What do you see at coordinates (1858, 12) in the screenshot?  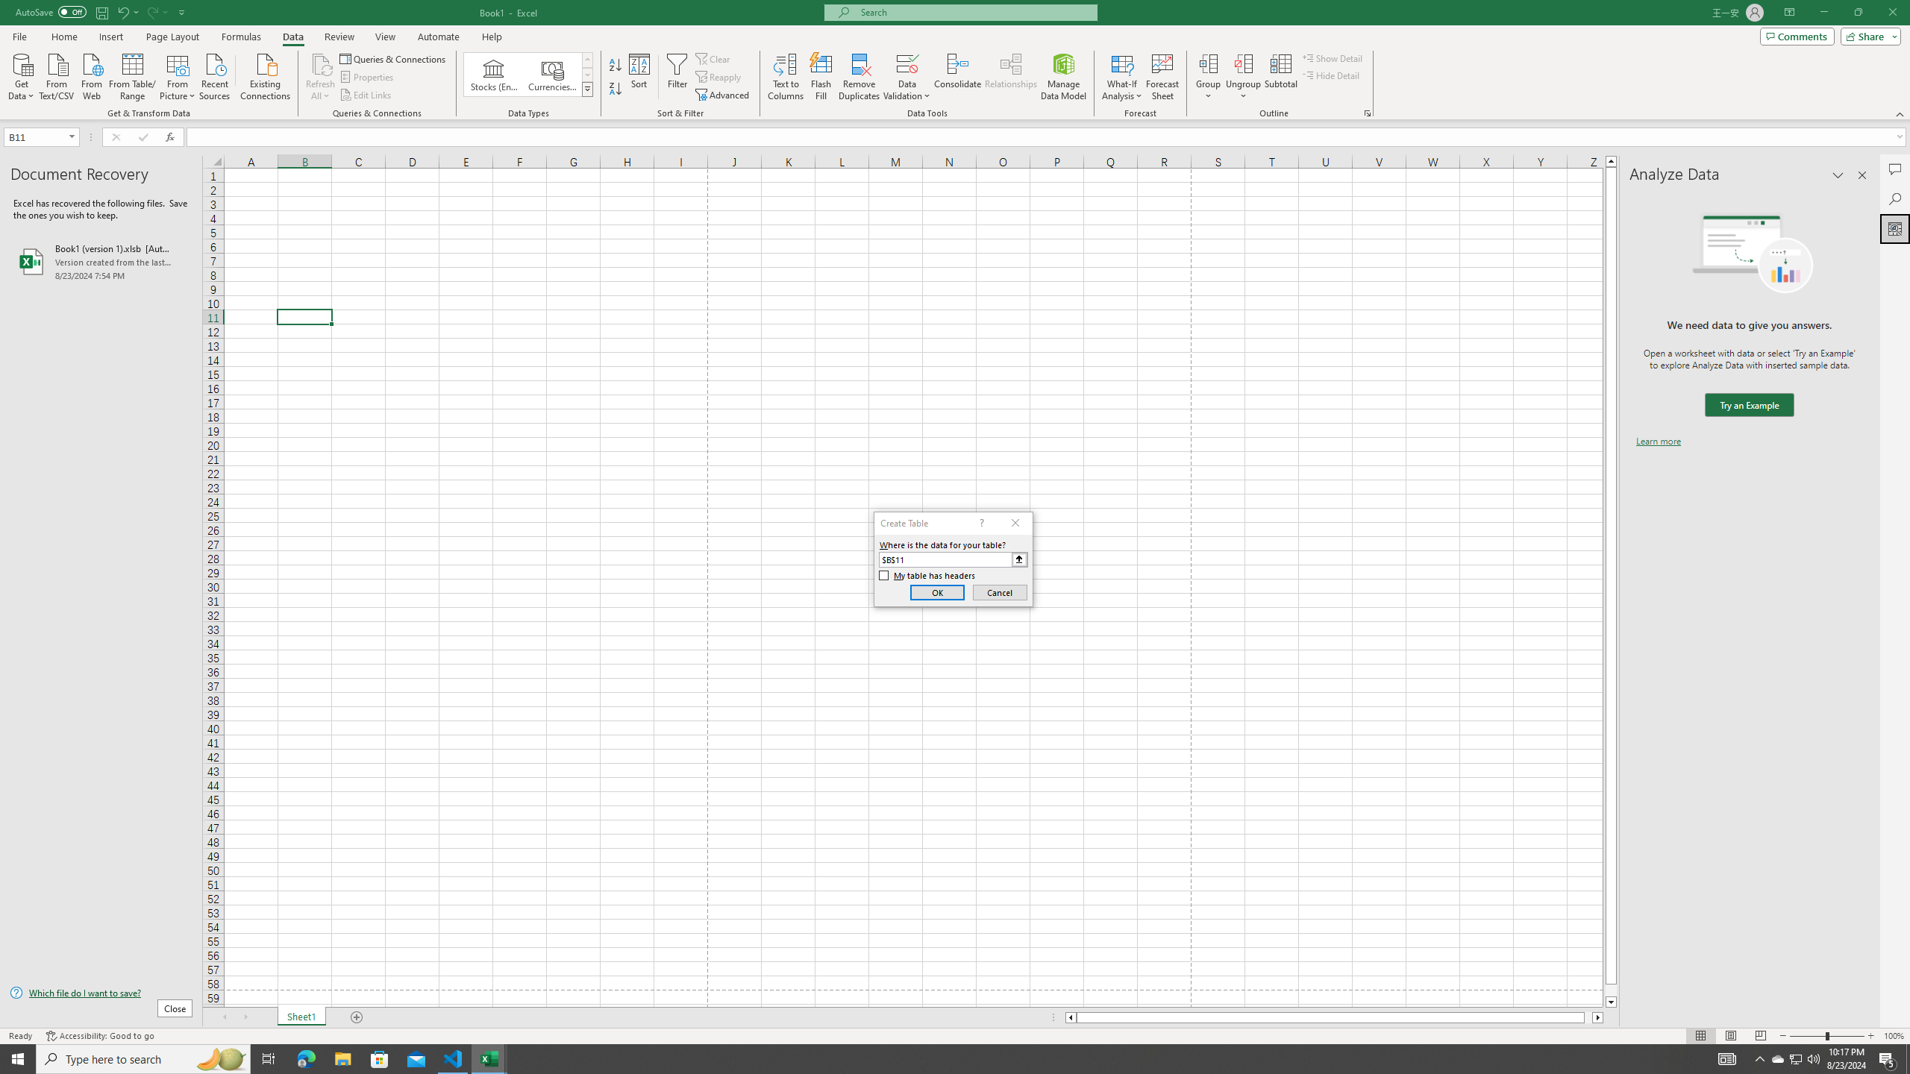 I see `'Restore Down'` at bounding box center [1858, 12].